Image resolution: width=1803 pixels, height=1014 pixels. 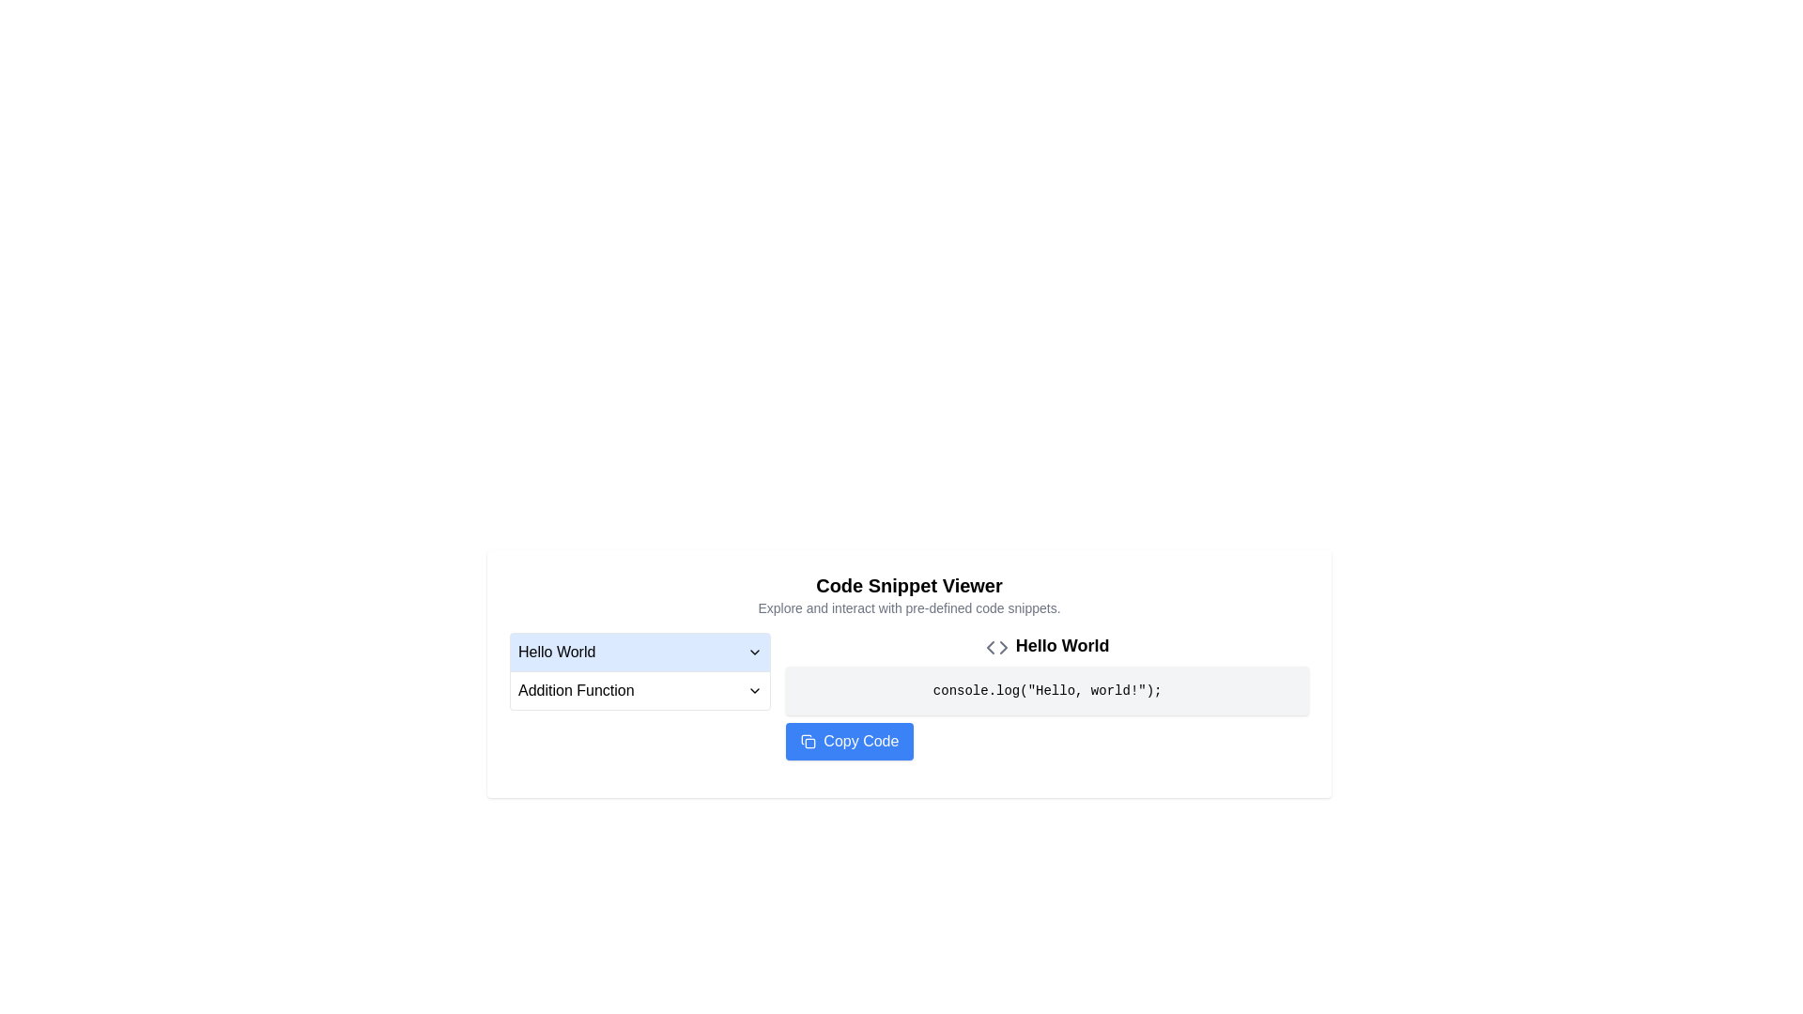 What do you see at coordinates (989, 646) in the screenshot?
I see `the left-pointing chevron icon, which is part of a pair of chevron icons adjacent to the text 'Hello World'` at bounding box center [989, 646].